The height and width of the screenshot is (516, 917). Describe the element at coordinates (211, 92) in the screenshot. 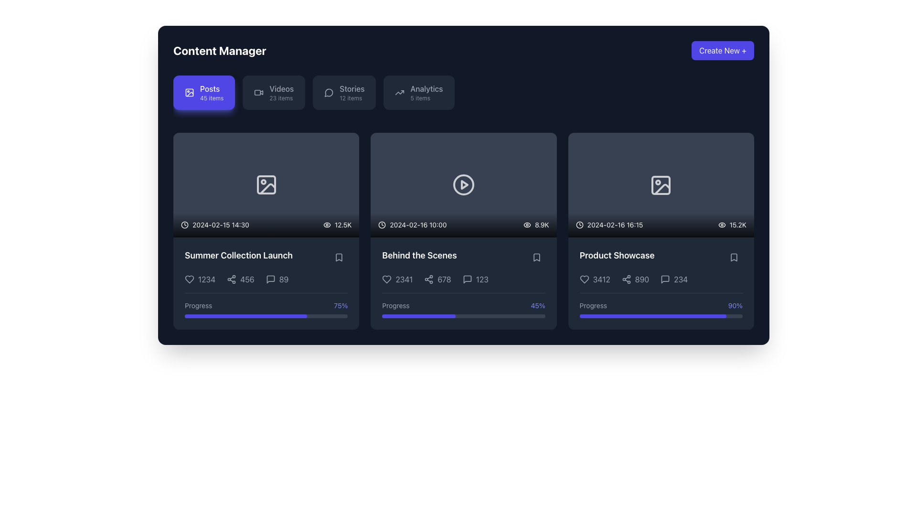

I see `the descriptive label containing the bold text 'Posts' and the lighter text '45 items', located in the upper-left area of the interface within the first button of the horizontal menu` at that location.